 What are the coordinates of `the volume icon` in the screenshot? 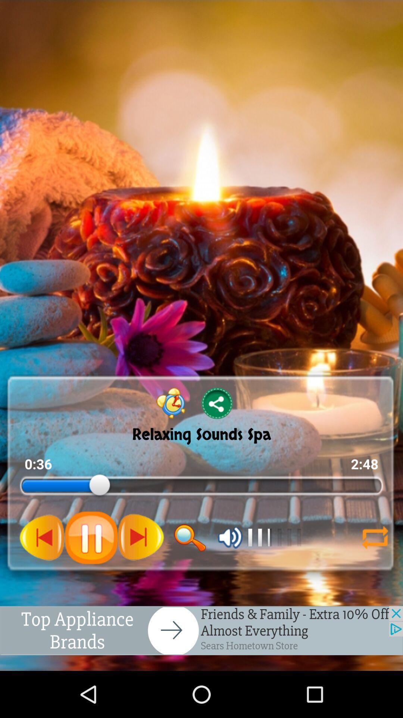 It's located at (230, 575).